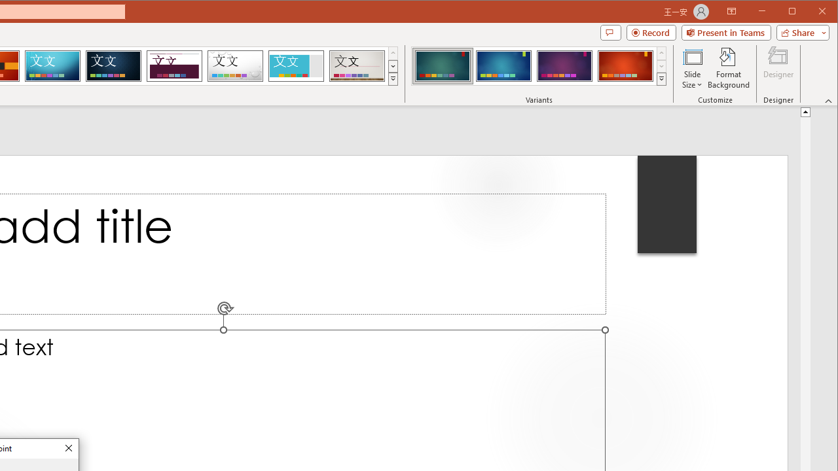 The height and width of the screenshot is (471, 838). Describe the element at coordinates (392, 78) in the screenshot. I see `'Themes'` at that location.